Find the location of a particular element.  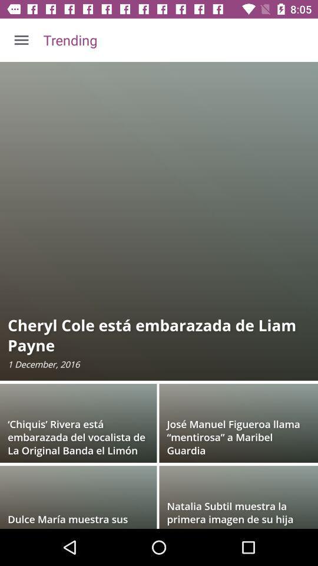

advertisement page is located at coordinates (159, 295).